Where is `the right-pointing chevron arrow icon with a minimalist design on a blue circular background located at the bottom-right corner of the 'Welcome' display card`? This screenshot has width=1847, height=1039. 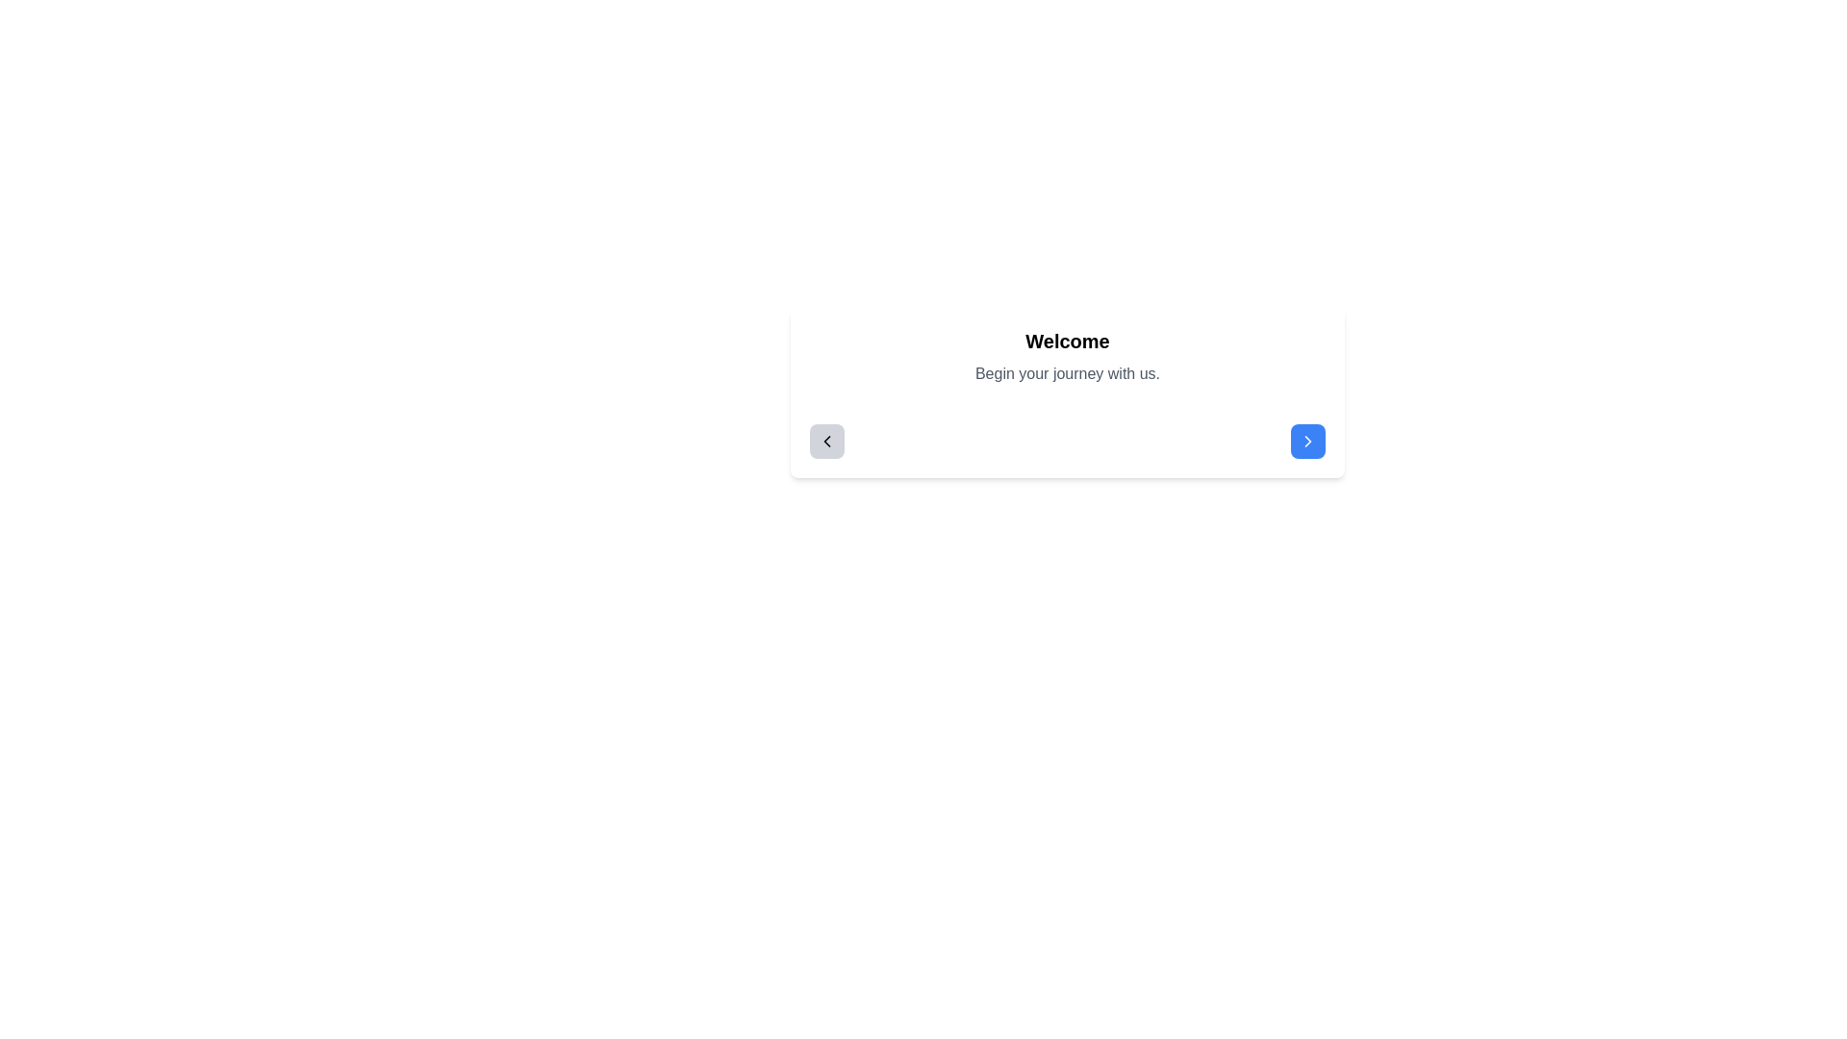 the right-pointing chevron arrow icon with a minimalist design on a blue circular background located at the bottom-right corner of the 'Welcome' display card is located at coordinates (1307, 442).